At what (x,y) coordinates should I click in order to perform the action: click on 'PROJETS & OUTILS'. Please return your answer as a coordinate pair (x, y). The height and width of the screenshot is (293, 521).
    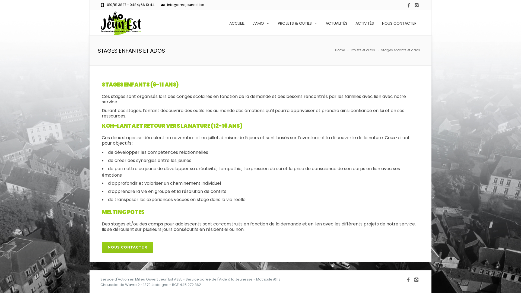
    Looking at the image, I should click on (297, 23).